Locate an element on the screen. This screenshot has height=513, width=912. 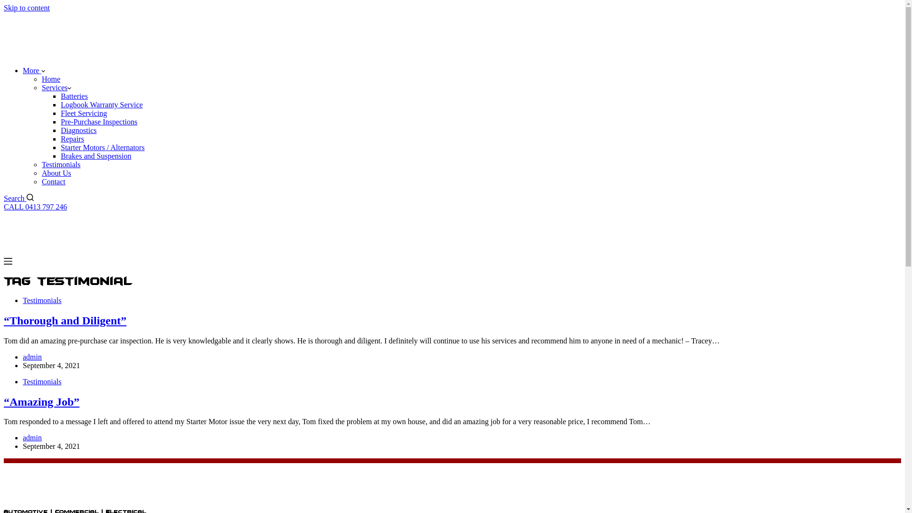
'Pre-Purchase Inspections' is located at coordinates (60, 121).